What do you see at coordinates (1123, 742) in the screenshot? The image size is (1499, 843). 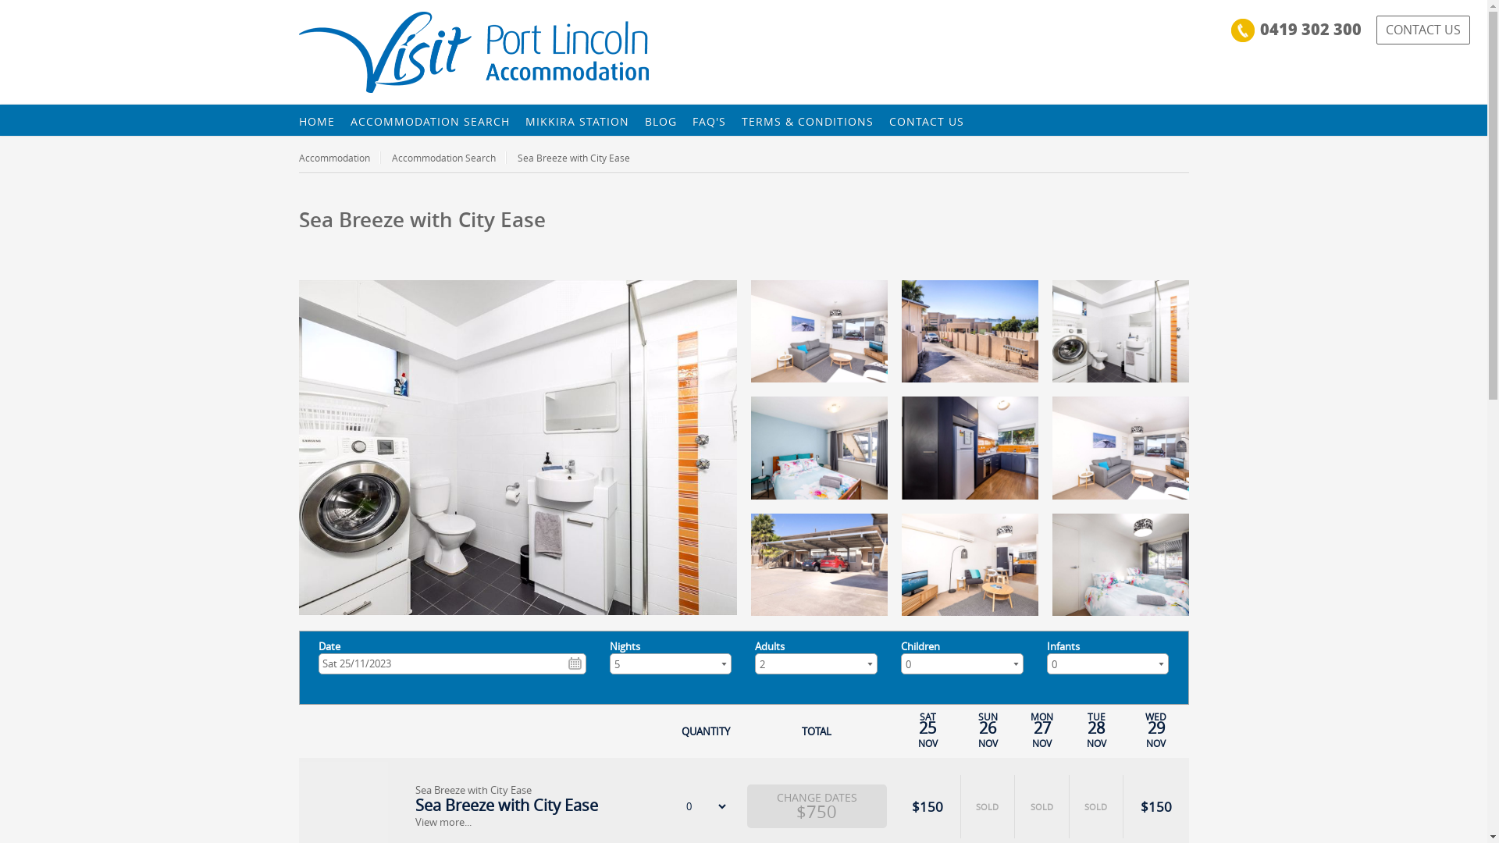 I see `'NOV'` at bounding box center [1123, 742].